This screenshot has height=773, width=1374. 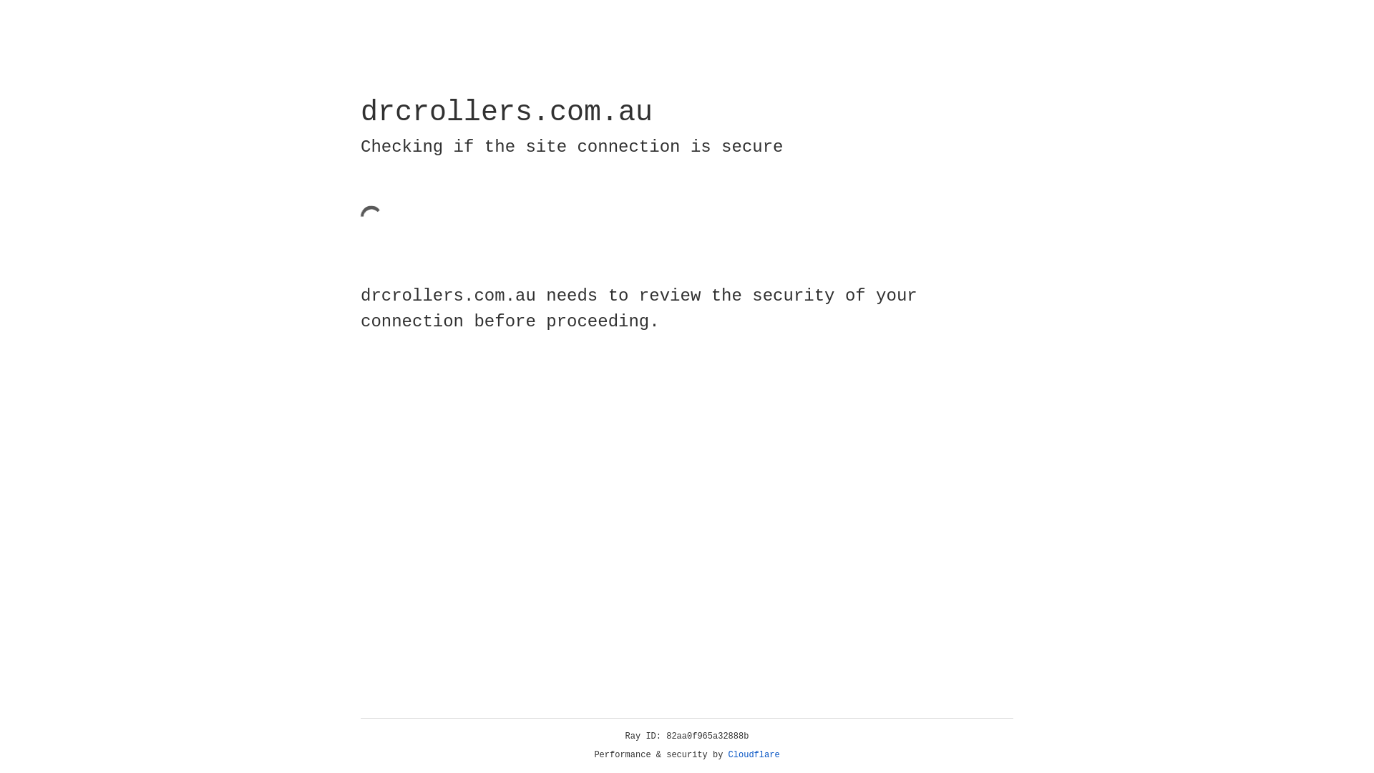 What do you see at coordinates (754, 754) in the screenshot?
I see `'Cloudflare'` at bounding box center [754, 754].